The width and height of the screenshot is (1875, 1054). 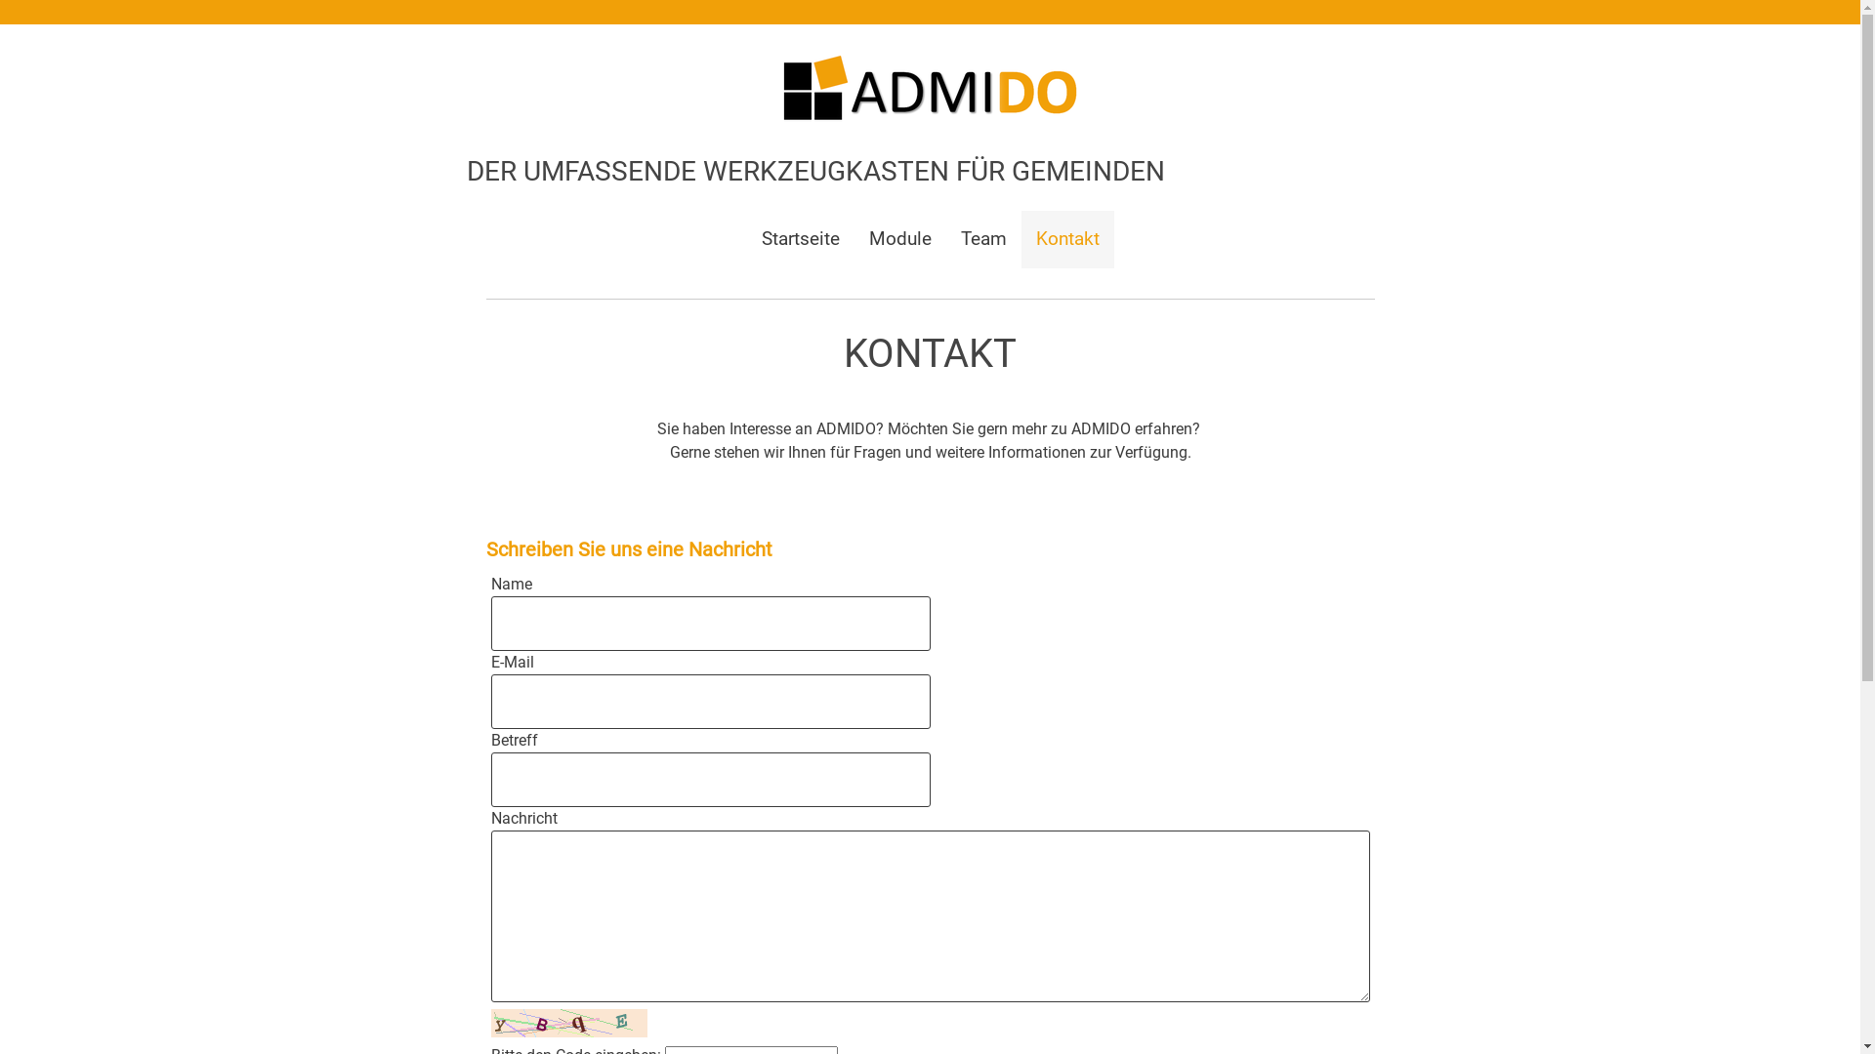 What do you see at coordinates (1021, 238) in the screenshot?
I see `'Kontakt'` at bounding box center [1021, 238].